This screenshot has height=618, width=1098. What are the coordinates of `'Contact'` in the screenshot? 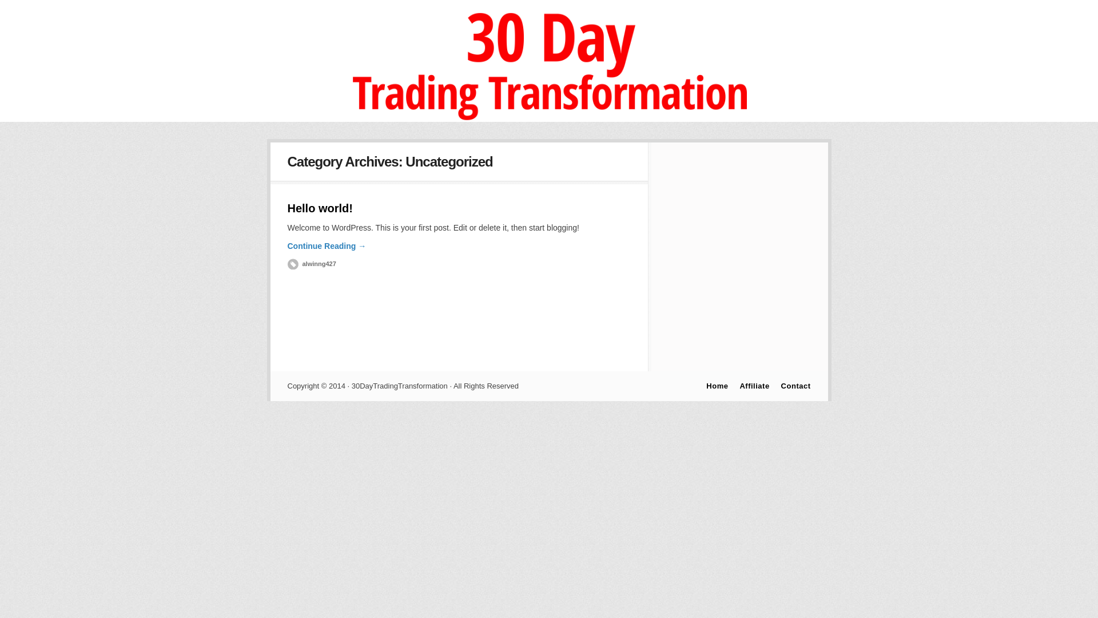 It's located at (795, 386).